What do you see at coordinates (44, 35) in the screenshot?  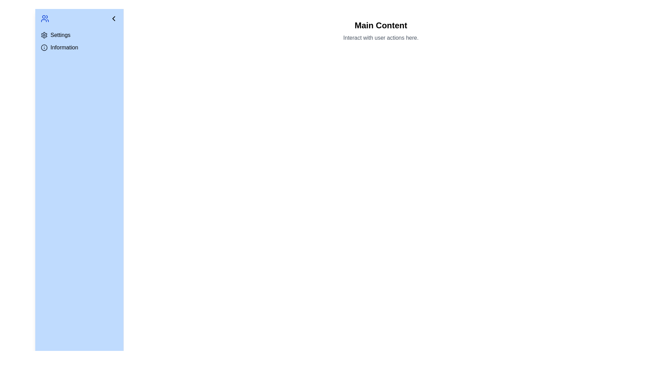 I see `the settings icon, which is represented visually and is located at the start of the 'Settings' text item in the vertical navigation menu` at bounding box center [44, 35].